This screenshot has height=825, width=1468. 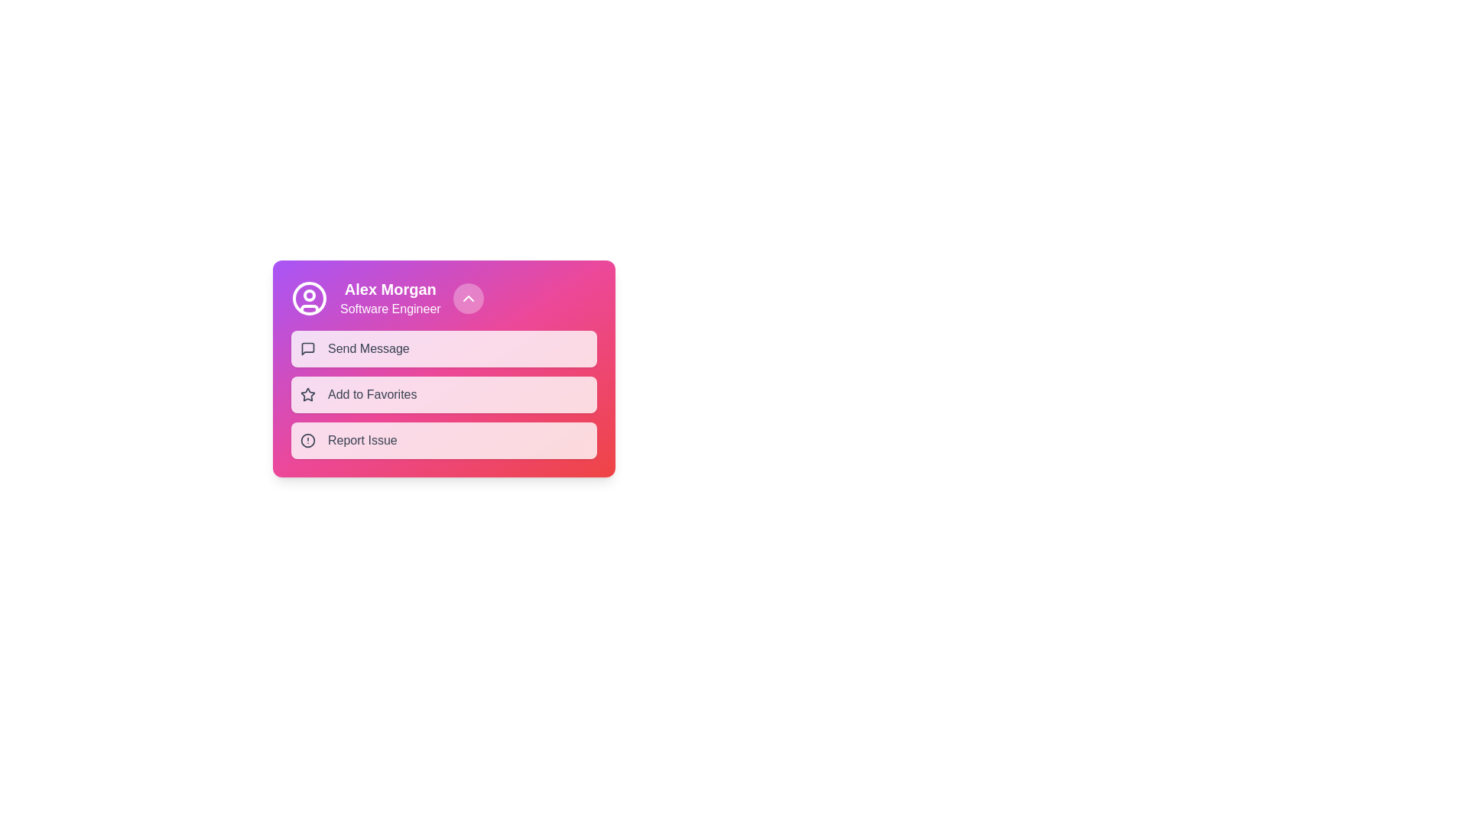 I want to click on displayed text in the Text Display located to the right of the avatar icon at the top-left corner of the panel with a gradient background, so click(x=390, y=298).